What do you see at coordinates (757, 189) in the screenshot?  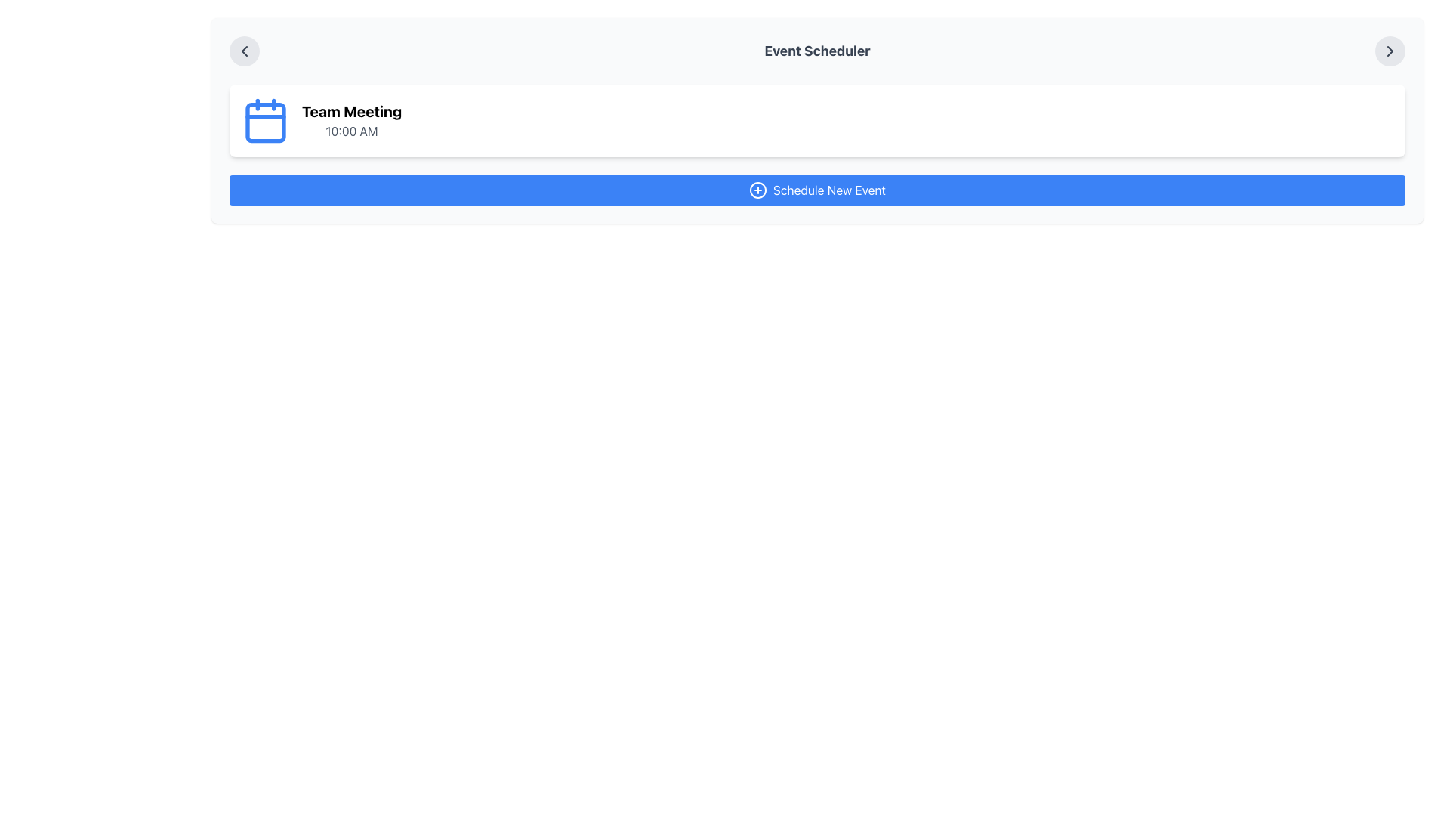 I see `the addition icon located to the left of the 'Schedule New Event' button` at bounding box center [757, 189].